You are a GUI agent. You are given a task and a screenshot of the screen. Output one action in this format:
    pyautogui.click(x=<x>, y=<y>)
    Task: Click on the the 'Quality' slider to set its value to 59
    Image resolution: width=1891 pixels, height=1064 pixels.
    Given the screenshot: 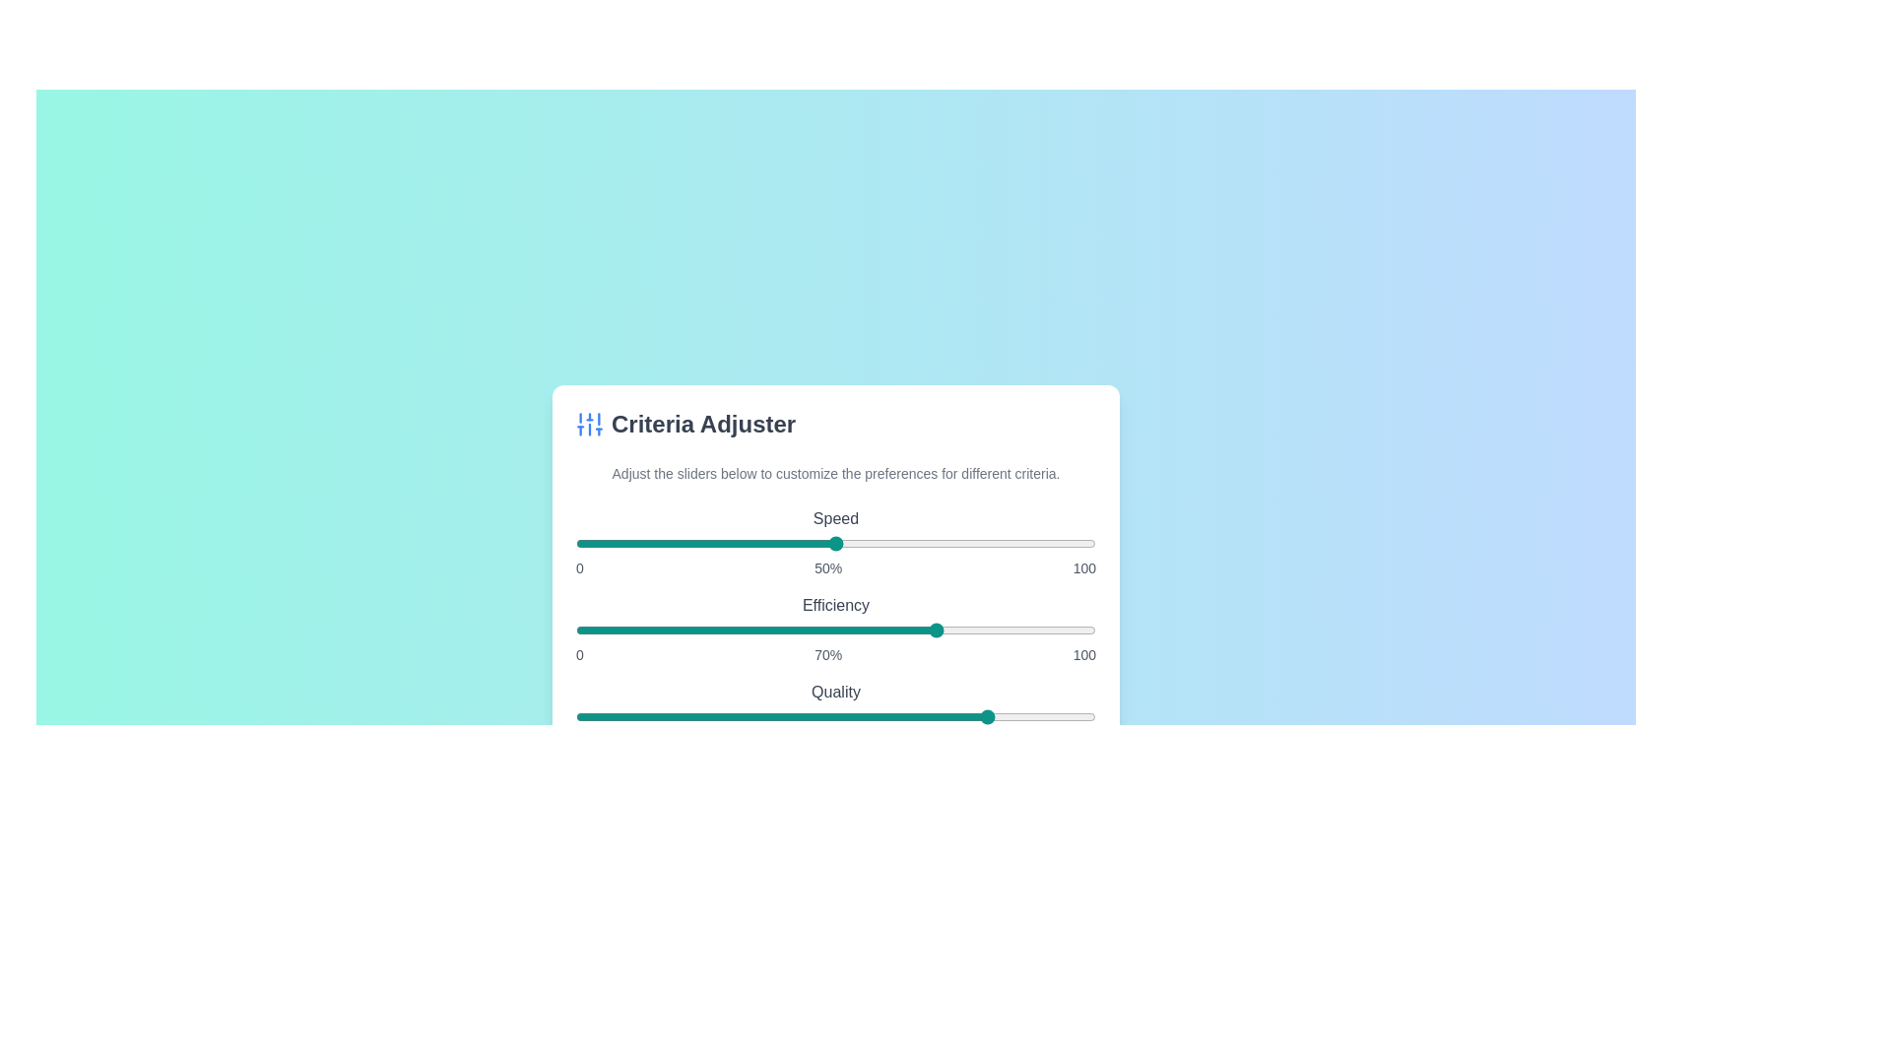 What is the action you would take?
    pyautogui.click(x=881, y=717)
    